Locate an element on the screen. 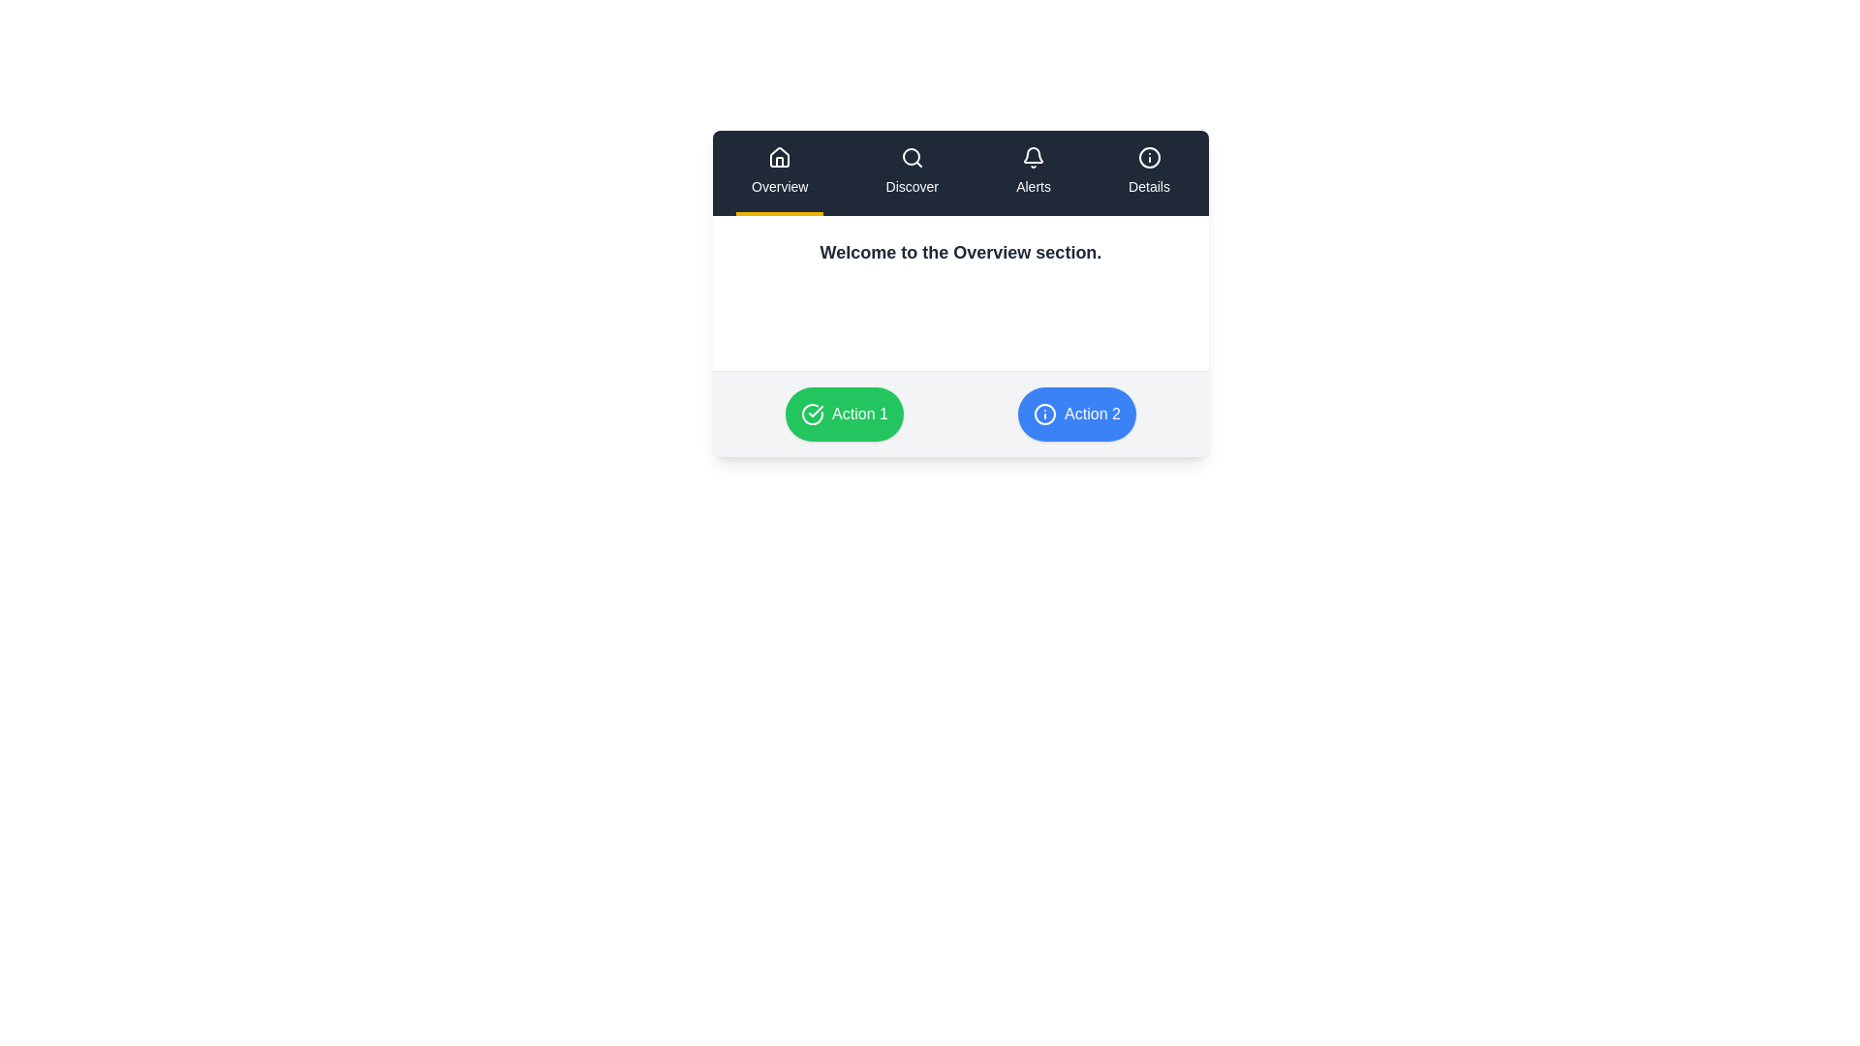 This screenshot has width=1860, height=1046. the checkmark-shaped icon within the green circular area that is part of the button labeled 'Action 1' located at the bottom center-right of the interface is located at coordinates (816, 410).